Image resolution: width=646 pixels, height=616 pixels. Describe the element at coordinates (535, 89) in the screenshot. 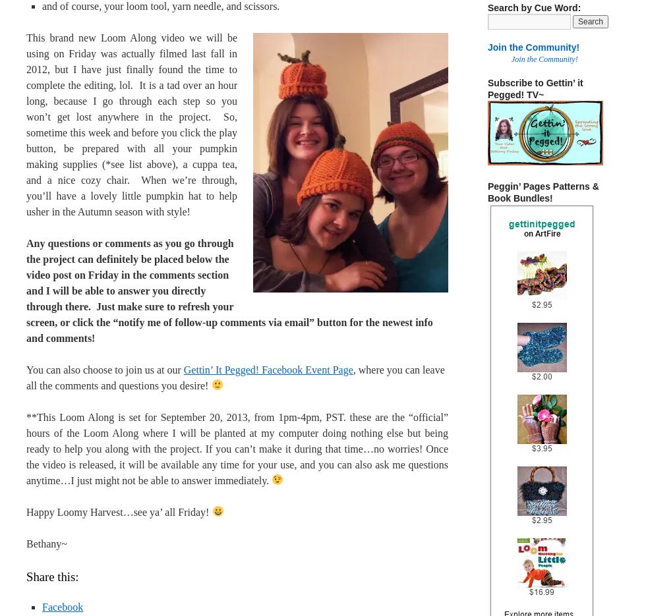

I see `'Subscribe to Gettin’ it Pegged! TV~'` at that location.